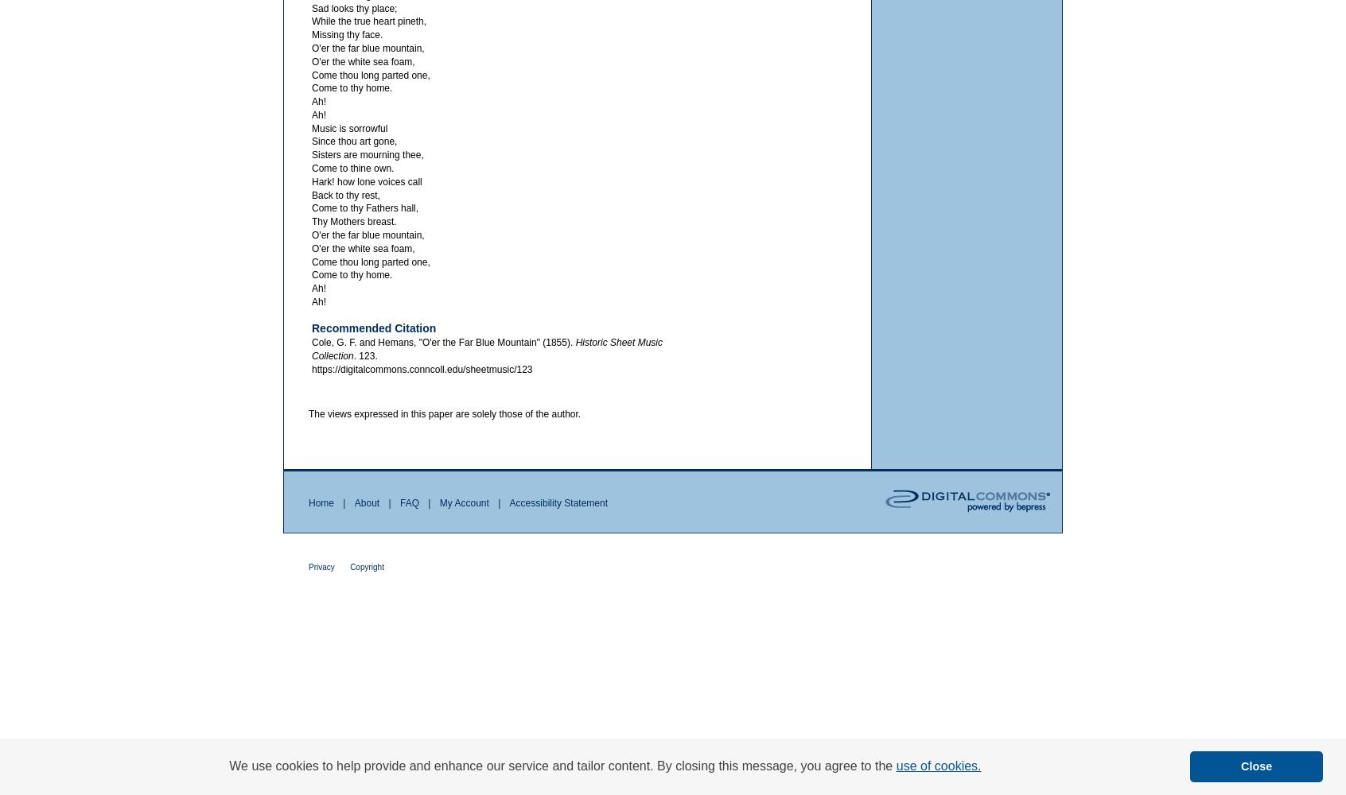 This screenshot has height=795, width=1346. I want to click on 'Privacy', so click(321, 565).